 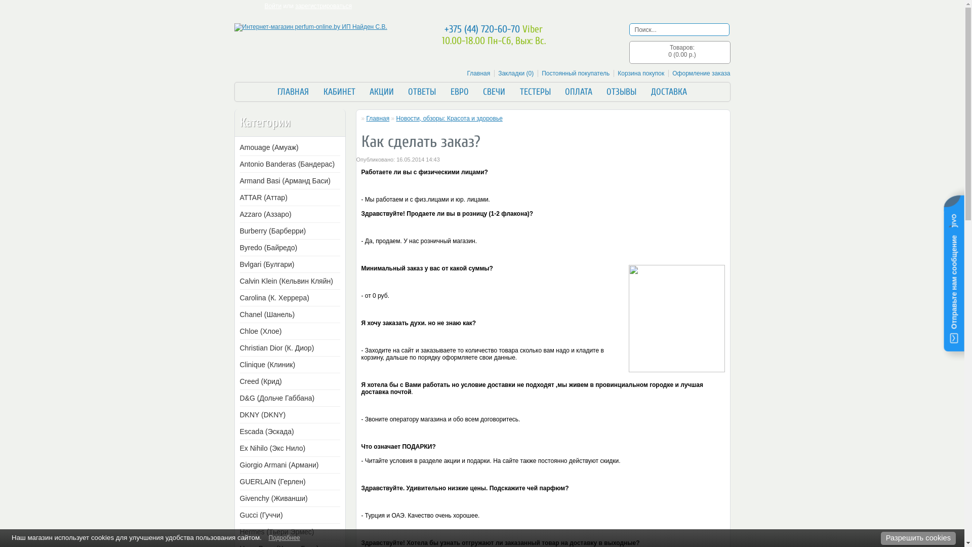 What do you see at coordinates (288, 414) in the screenshot?
I see `'DKNY (DKNY)'` at bounding box center [288, 414].